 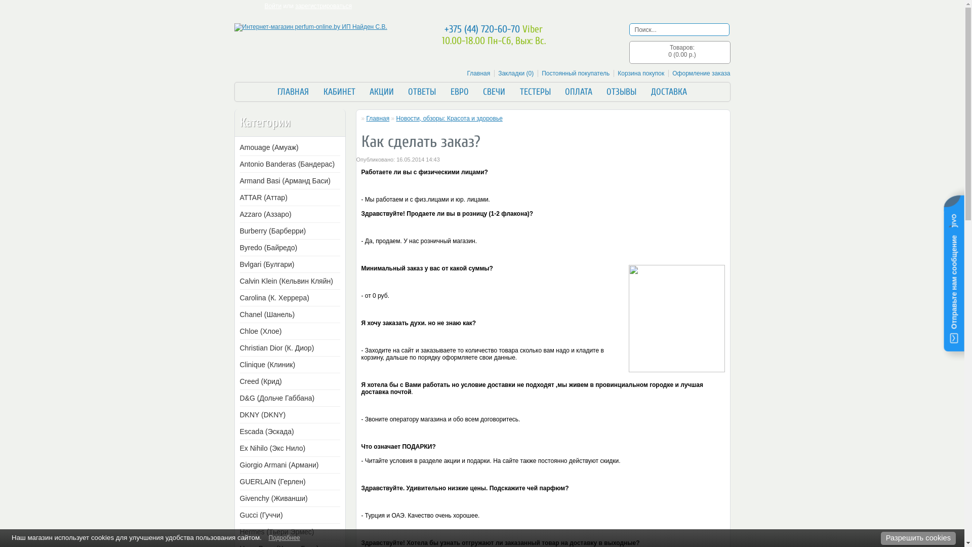 What do you see at coordinates (288, 414) in the screenshot?
I see `'DKNY (DKNY)'` at bounding box center [288, 414].